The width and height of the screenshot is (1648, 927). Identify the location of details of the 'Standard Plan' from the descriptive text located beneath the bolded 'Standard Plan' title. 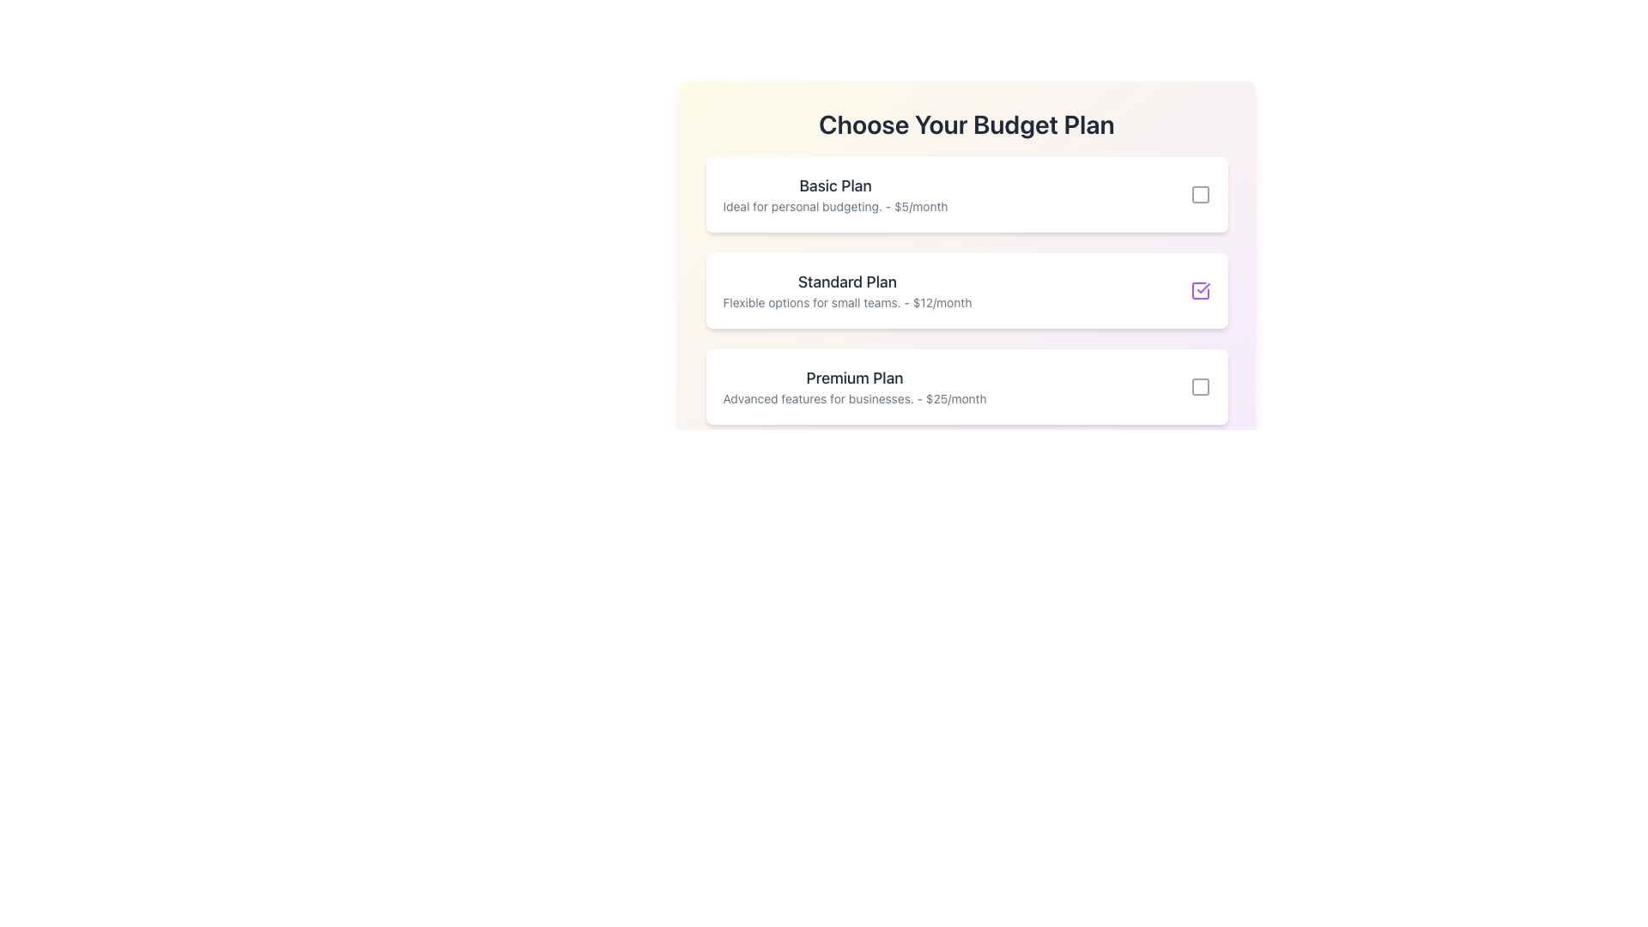
(847, 302).